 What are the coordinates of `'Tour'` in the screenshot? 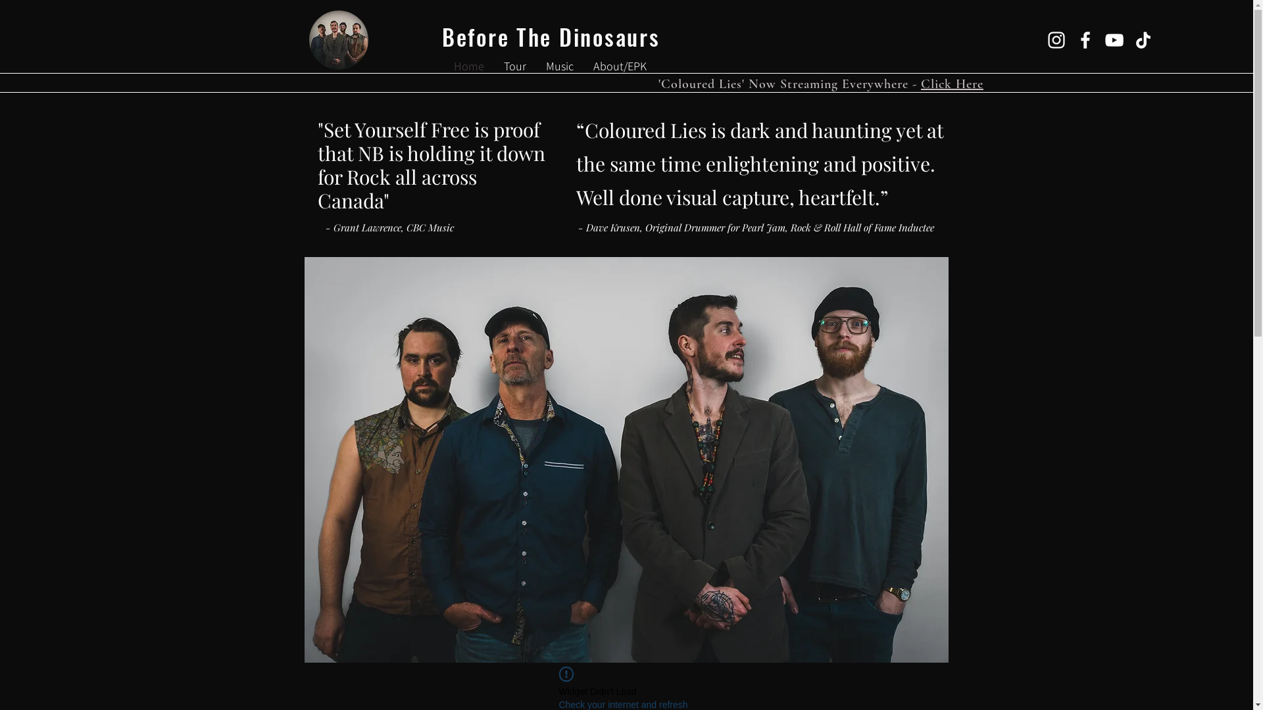 It's located at (514, 66).